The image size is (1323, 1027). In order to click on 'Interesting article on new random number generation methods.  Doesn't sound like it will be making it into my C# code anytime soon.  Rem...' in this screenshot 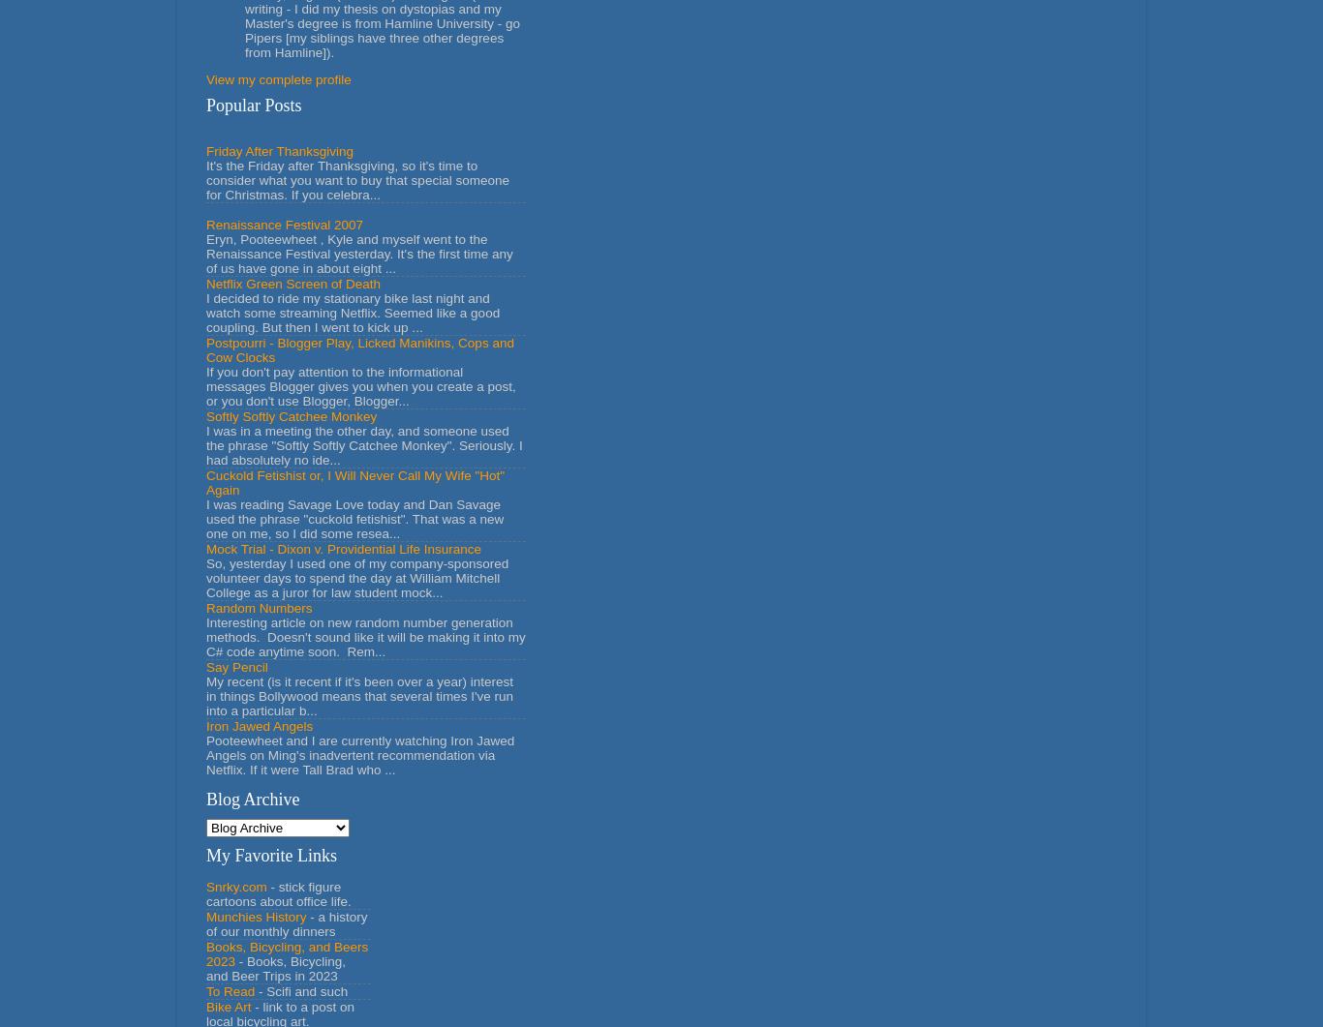, I will do `click(364, 635)`.